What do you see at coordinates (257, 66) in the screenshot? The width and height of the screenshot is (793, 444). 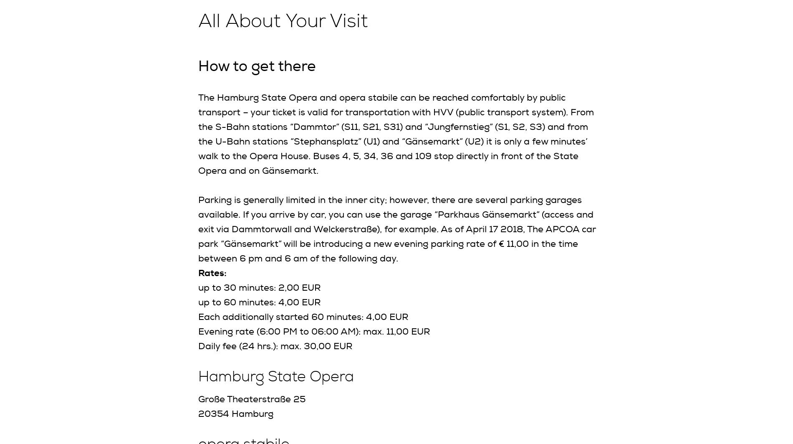 I see `'How to get there'` at bounding box center [257, 66].